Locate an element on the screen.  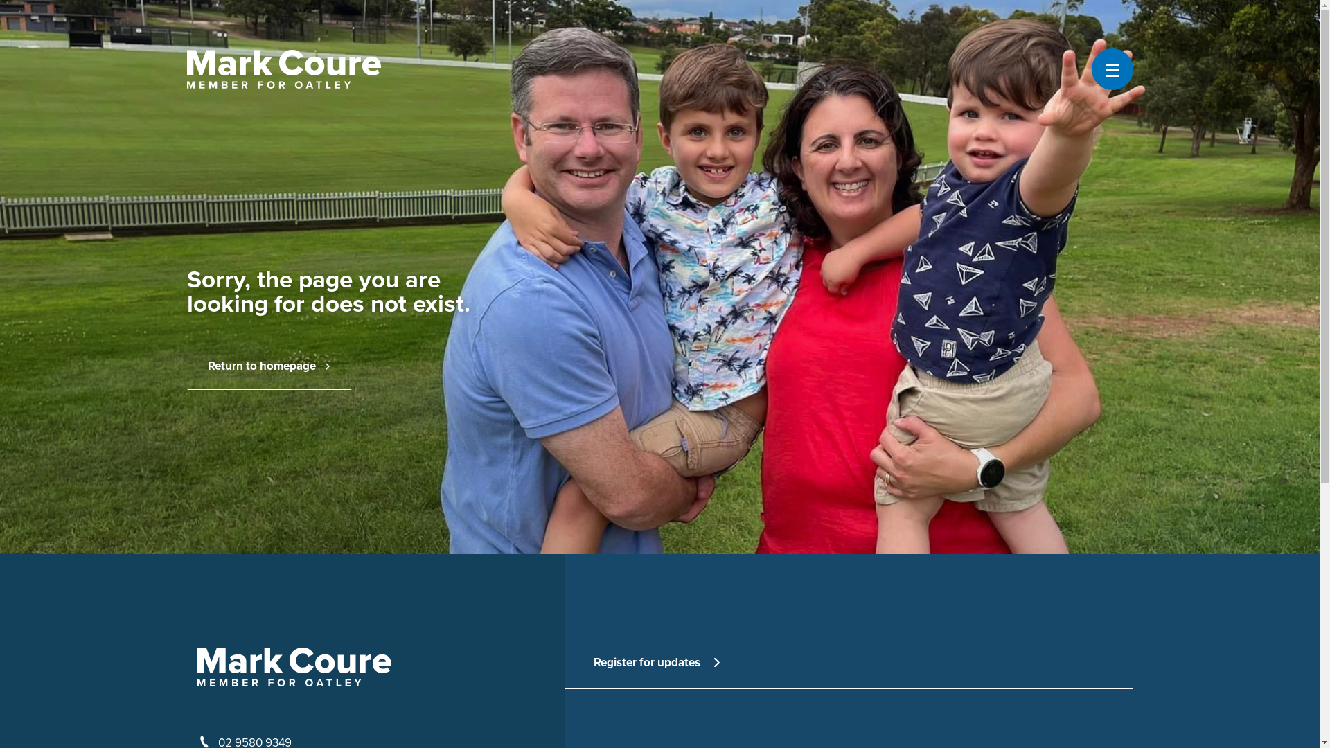
'Register for updates' is located at coordinates (594, 661).